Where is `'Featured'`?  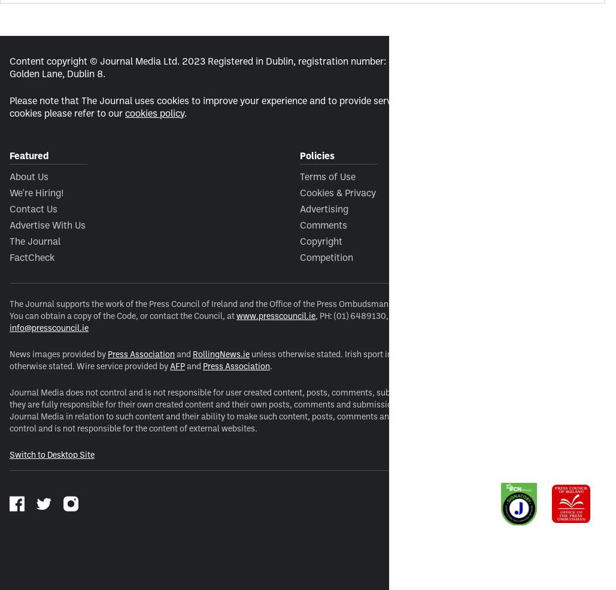 'Featured' is located at coordinates (29, 155).